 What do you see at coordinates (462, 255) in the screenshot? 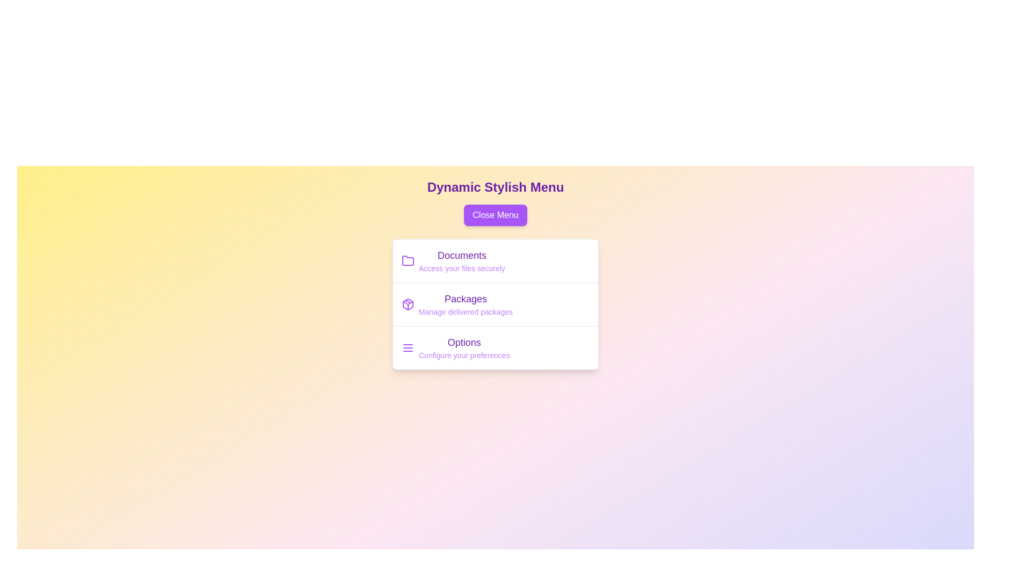
I see `the menu item Documents to select it` at bounding box center [462, 255].